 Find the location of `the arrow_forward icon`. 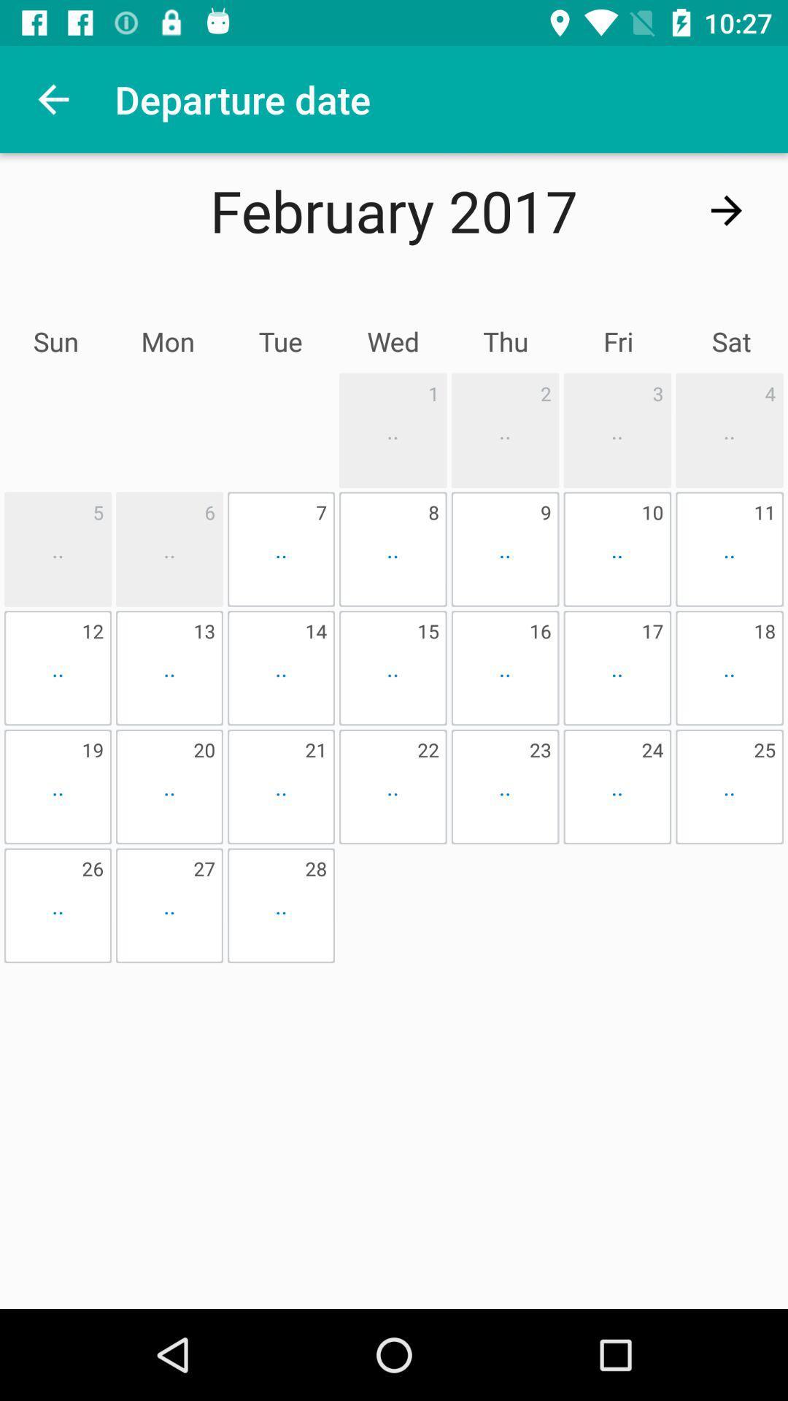

the arrow_forward icon is located at coordinates (726, 209).